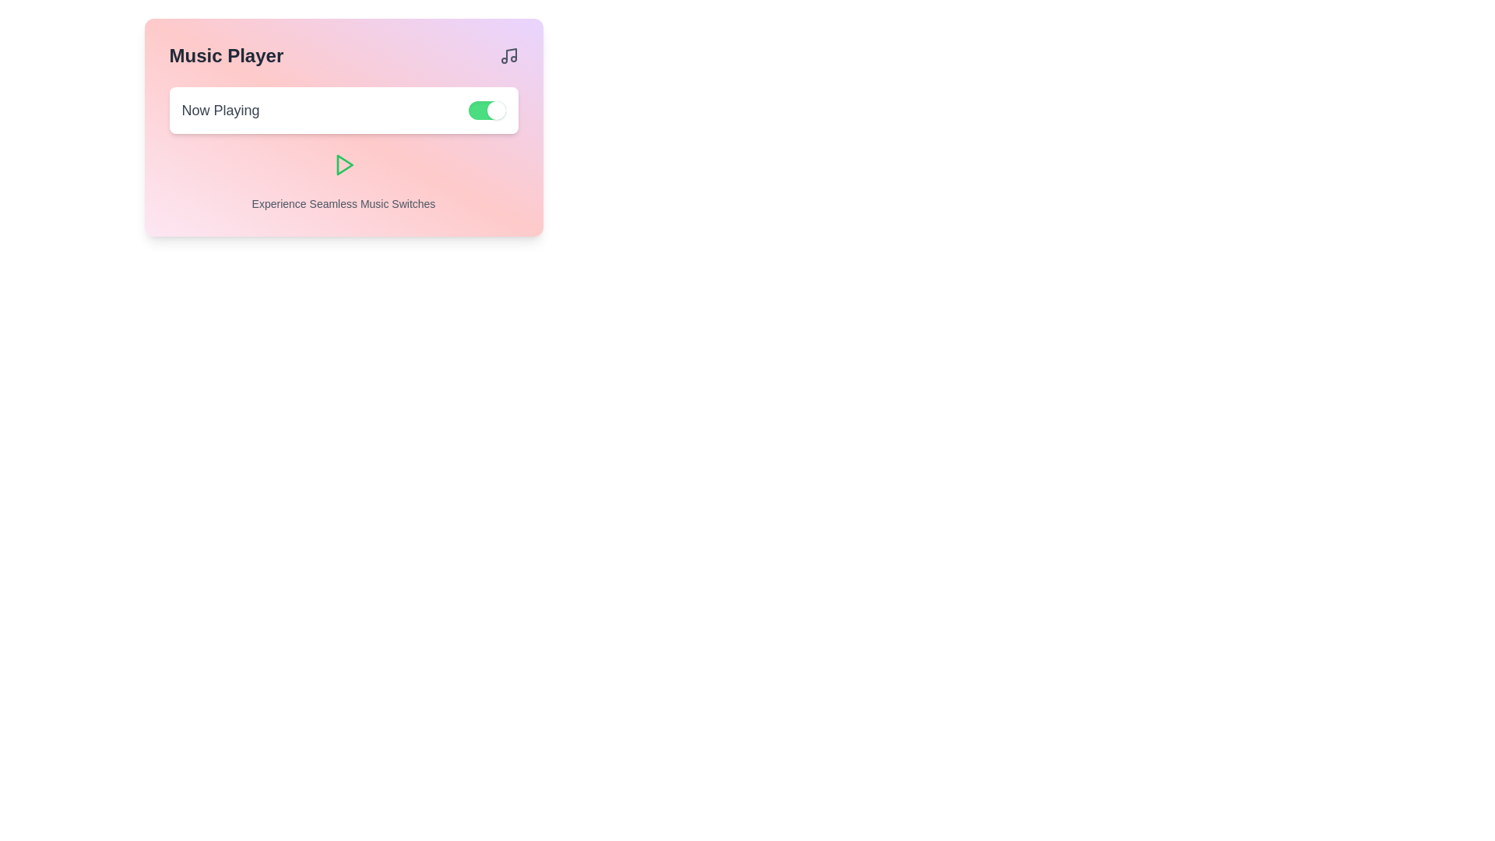  I want to click on the 'Music Player' title text label located at the top-left corner of the interface, so click(225, 55).